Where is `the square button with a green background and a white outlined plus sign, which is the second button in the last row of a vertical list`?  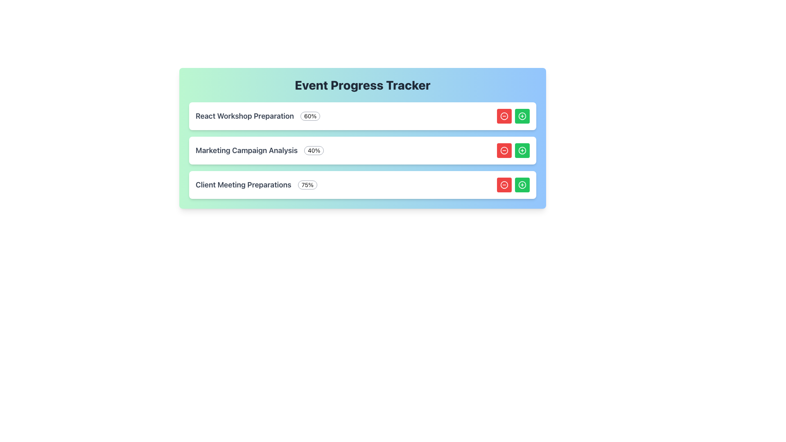 the square button with a green background and a white outlined plus sign, which is the second button in the last row of a vertical list is located at coordinates (522, 185).